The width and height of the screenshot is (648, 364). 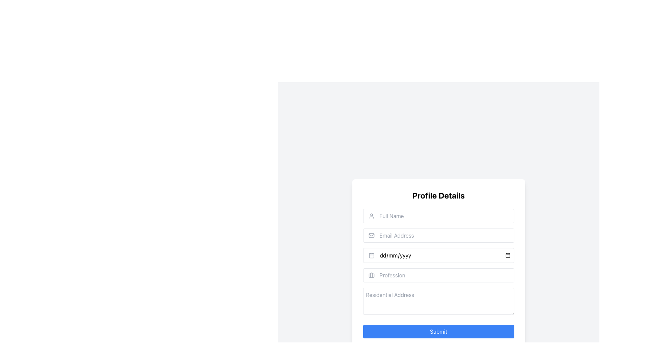 I want to click on the calendar icon positioned to the left of the 'Date of Birth' input field, which visually indicates the purpose of the input box, so click(x=371, y=255).